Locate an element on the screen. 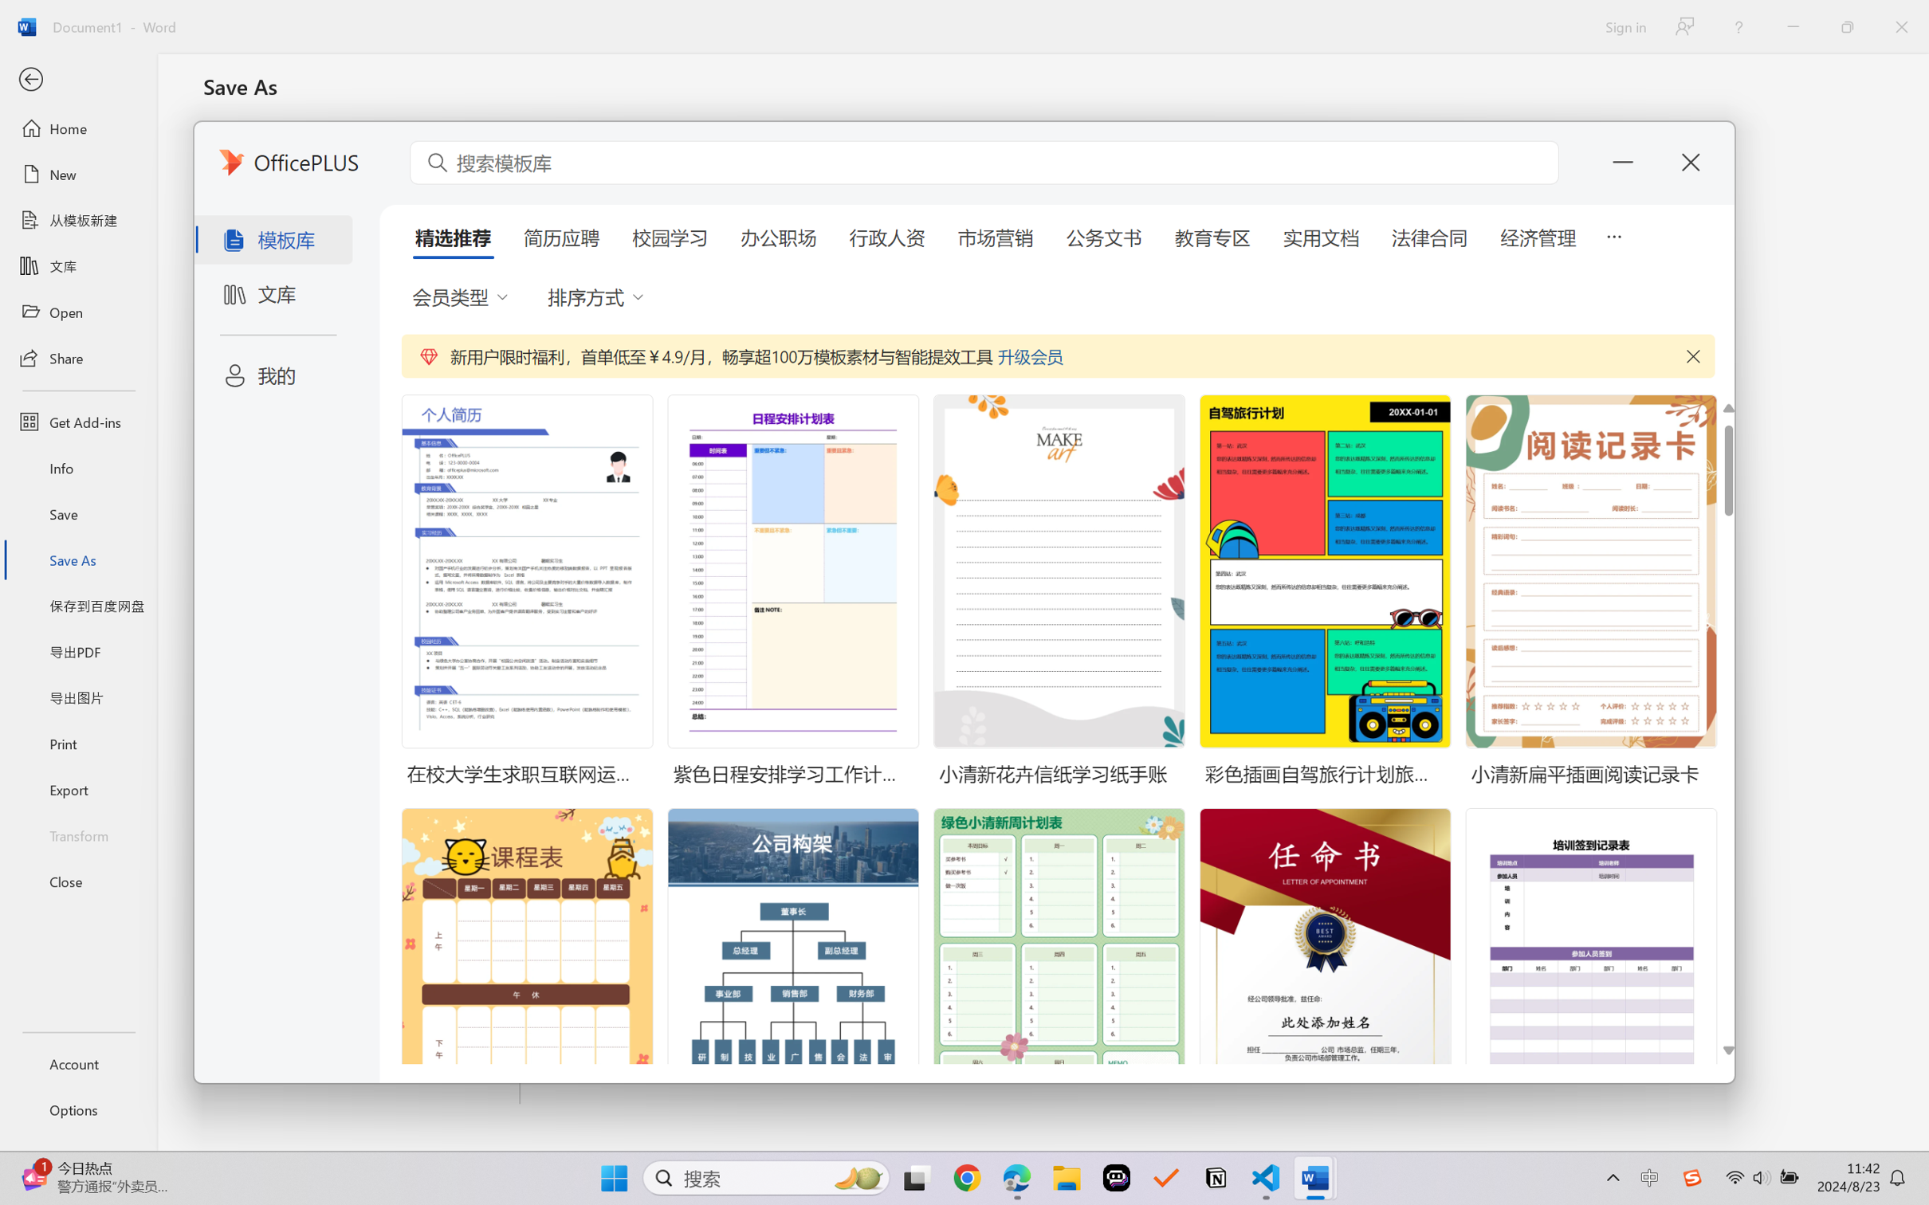 The width and height of the screenshot is (1929, 1205). 'Export' is located at coordinates (77, 788).